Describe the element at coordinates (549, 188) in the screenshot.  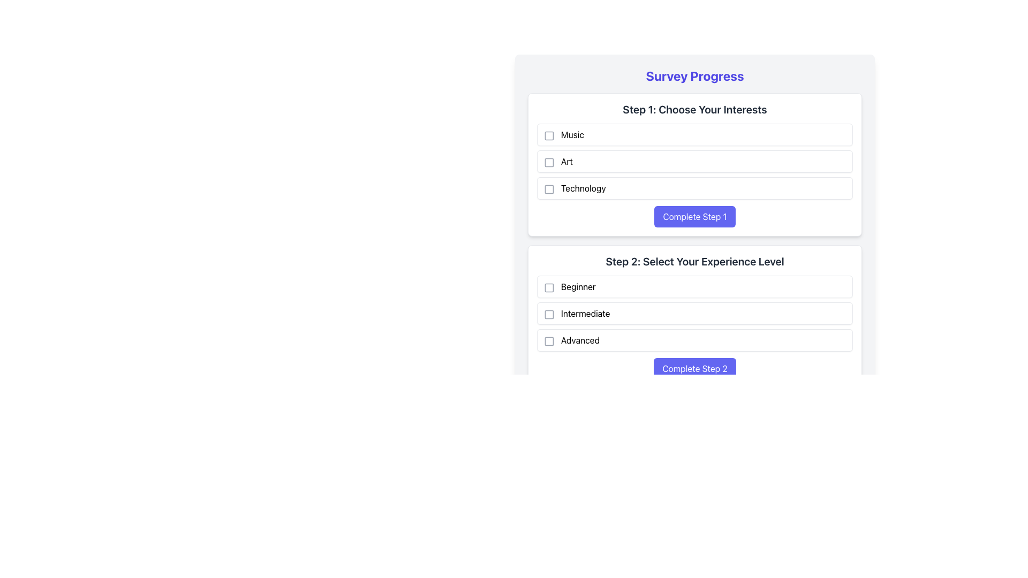
I see `the checkbox indicator for the 'Technology' option in the 'Step 1: Choose Your Interests' section, which is a square with a size of 18px and rounded corners` at that location.